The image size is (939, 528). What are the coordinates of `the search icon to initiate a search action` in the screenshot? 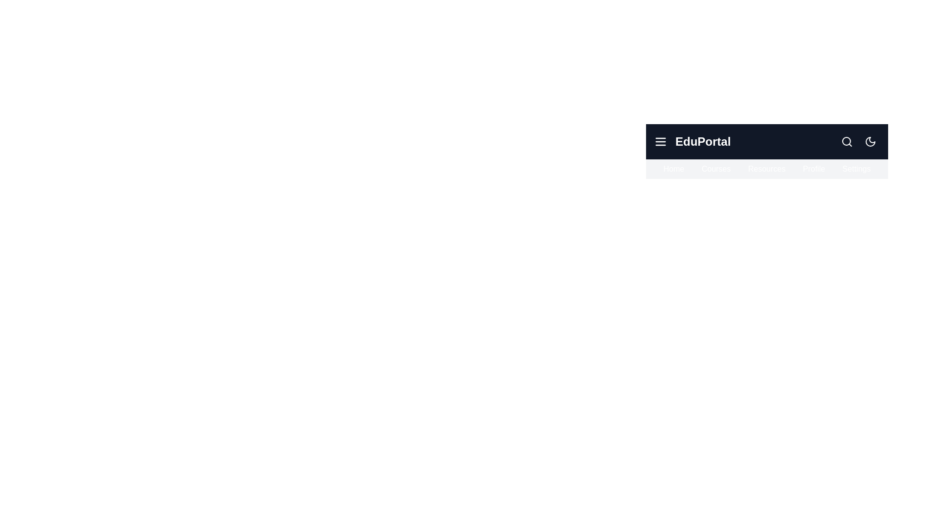 It's located at (847, 141).